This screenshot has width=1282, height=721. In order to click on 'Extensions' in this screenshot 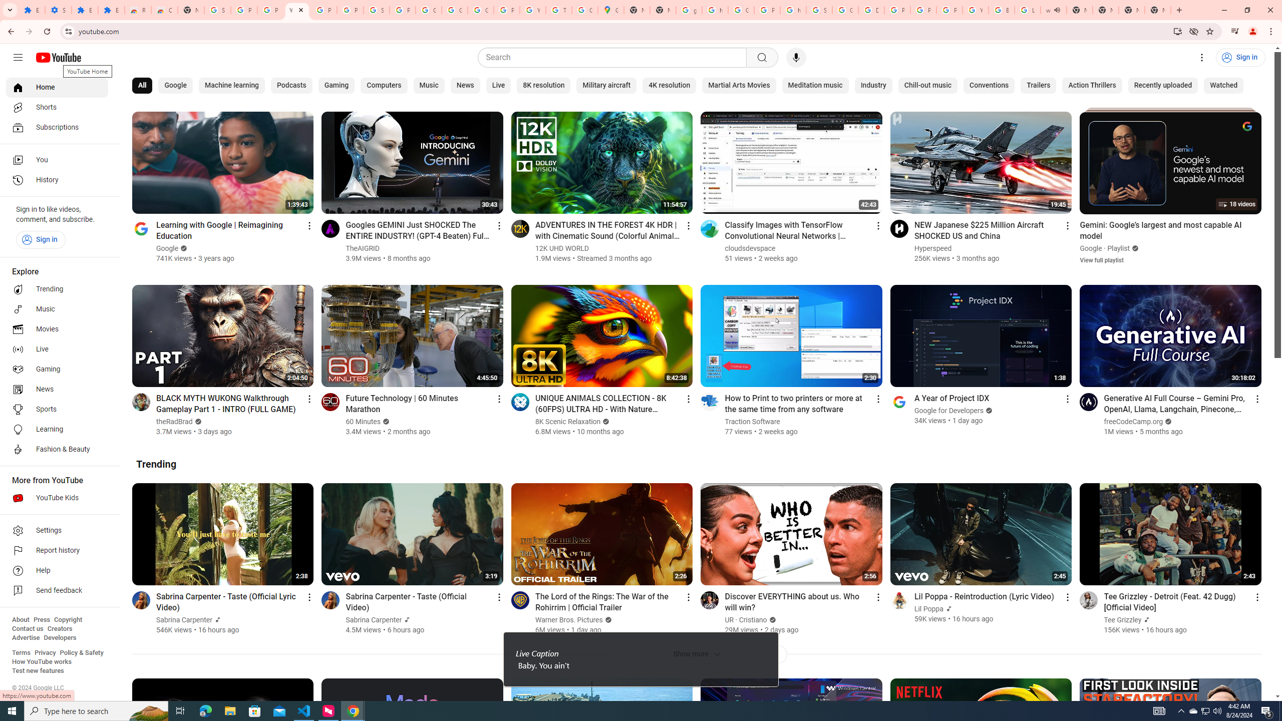, I will do `click(32, 10)`.